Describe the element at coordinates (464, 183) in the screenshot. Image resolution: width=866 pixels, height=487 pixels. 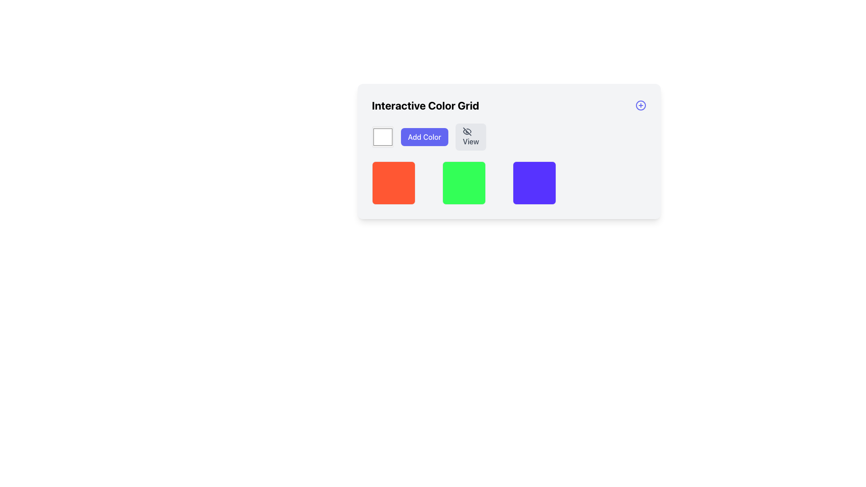
I see `the second colored interactive square in the 'Interactive Color Grid'` at that location.